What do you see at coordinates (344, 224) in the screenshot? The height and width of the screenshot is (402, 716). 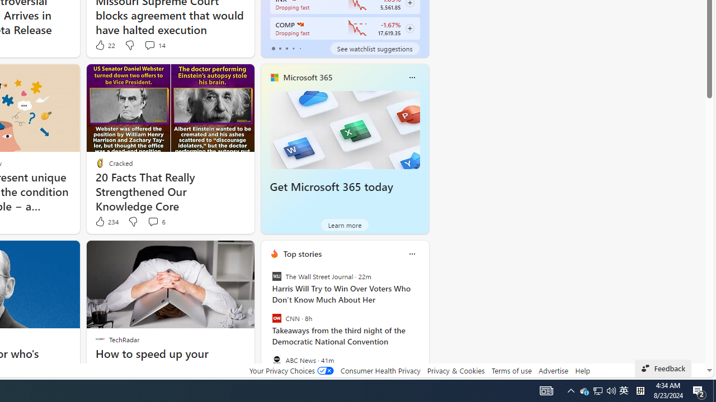 I see `'Learn more'` at bounding box center [344, 224].